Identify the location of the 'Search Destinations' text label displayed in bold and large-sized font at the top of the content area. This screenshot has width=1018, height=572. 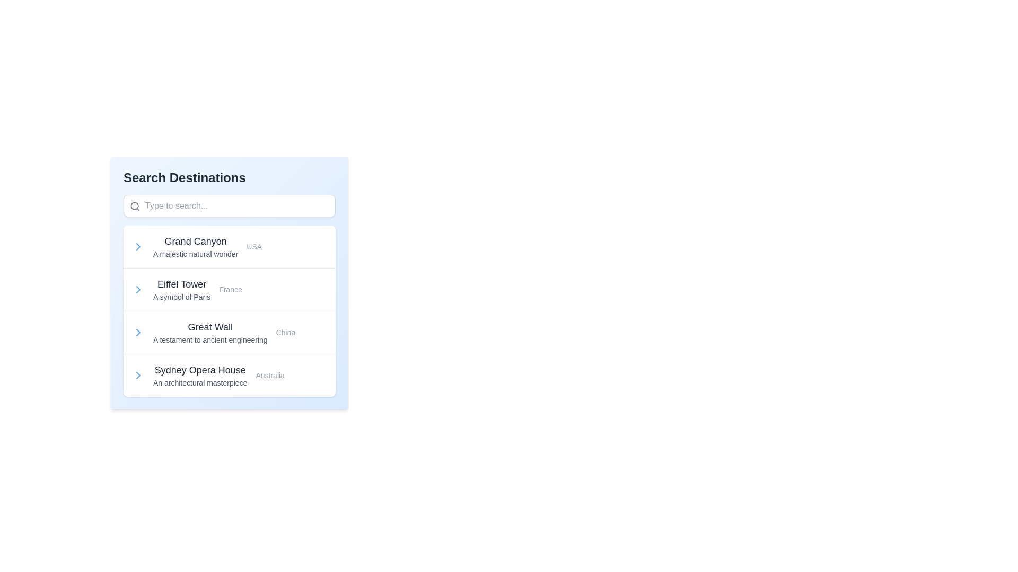
(229, 177).